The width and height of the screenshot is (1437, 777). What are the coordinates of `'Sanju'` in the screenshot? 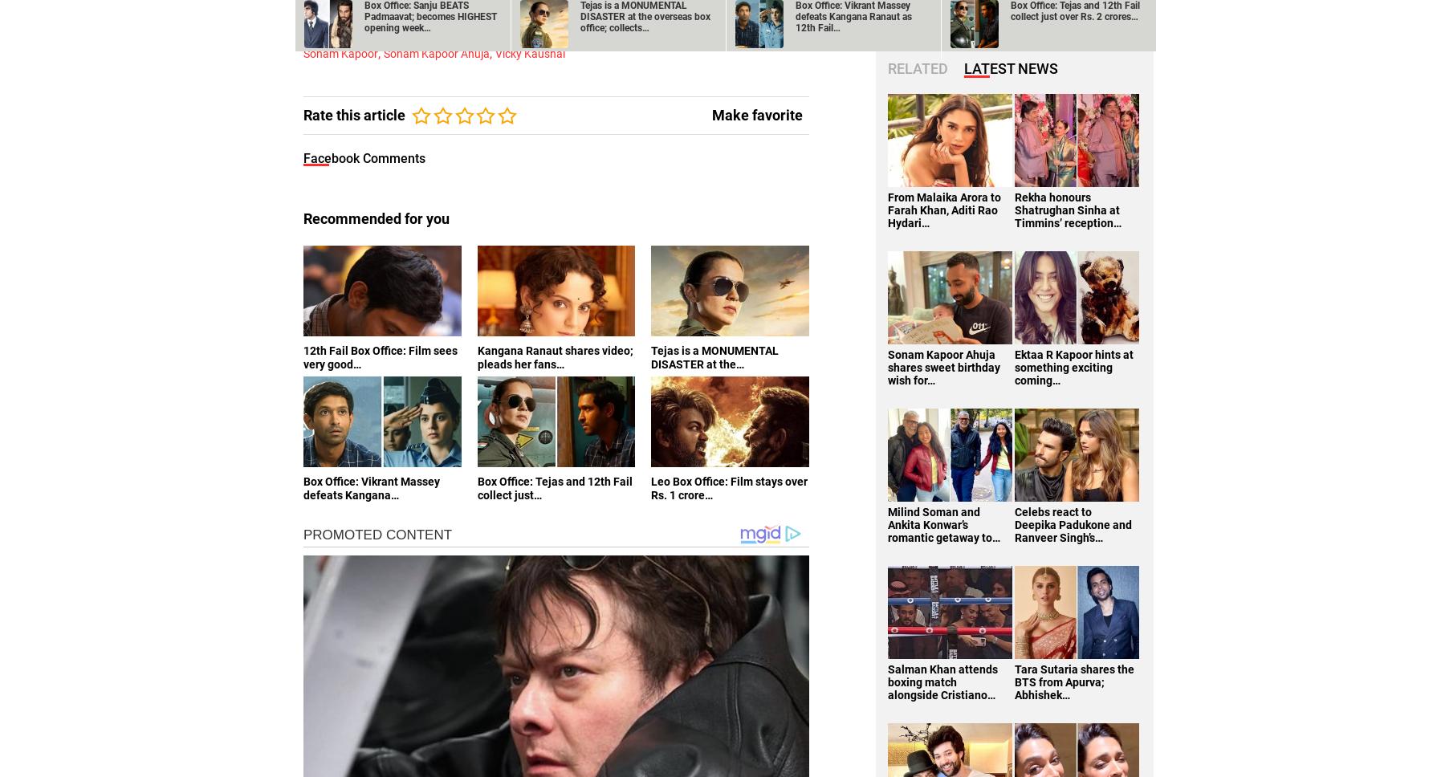 It's located at (757, 33).